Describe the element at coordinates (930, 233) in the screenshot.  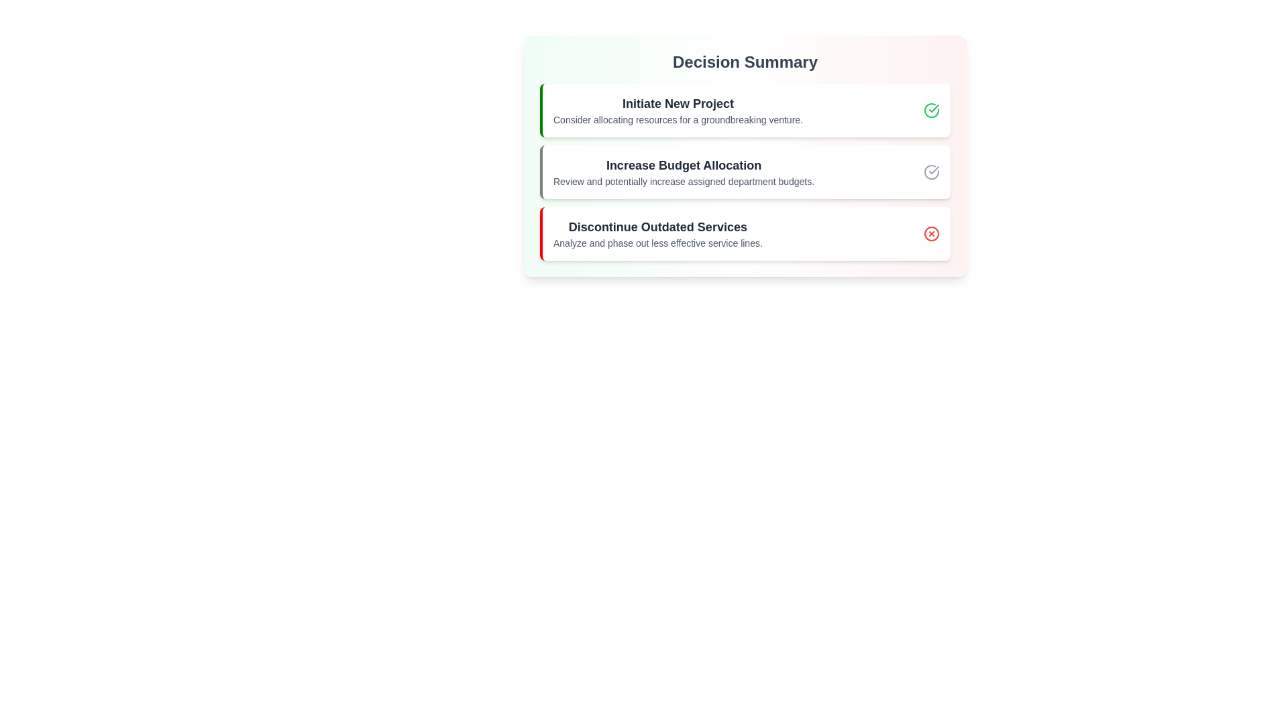
I see `the status indicator for Discontinue Outdated Services` at that location.